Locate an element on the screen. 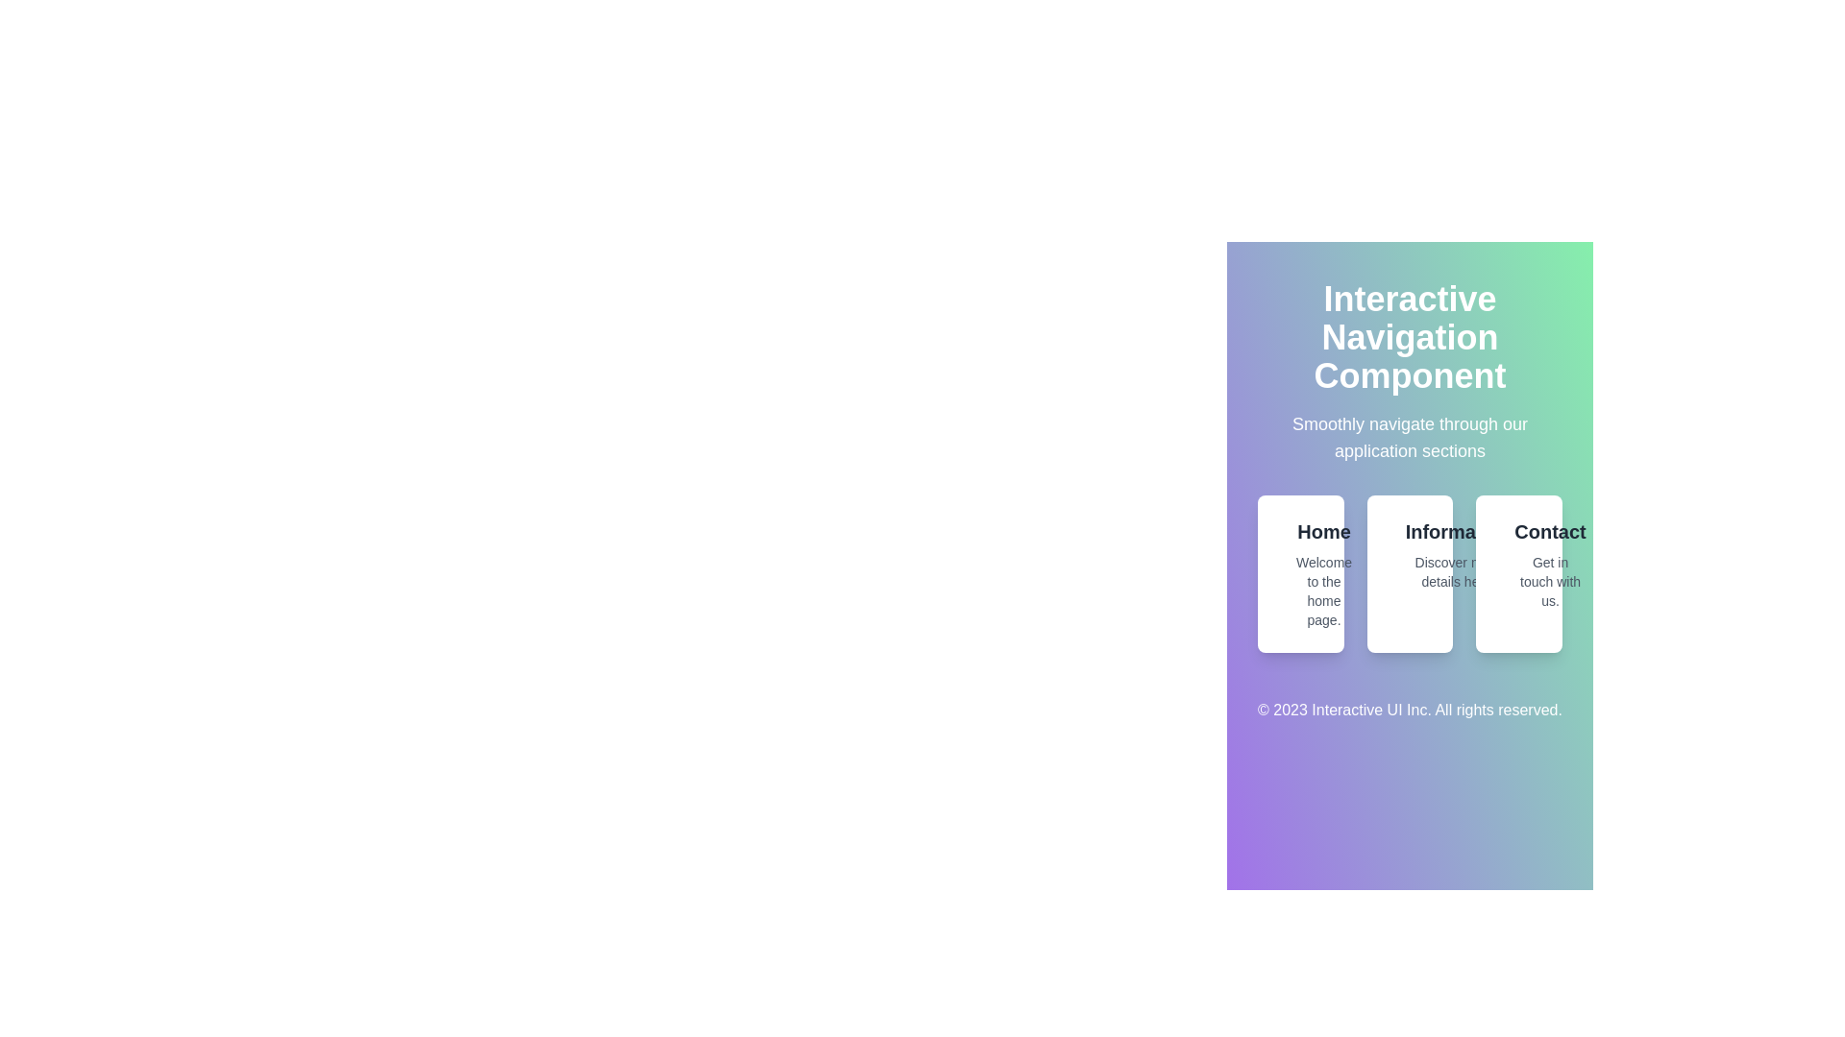 This screenshot has height=1037, width=1845. text label displaying the word 'Information' that is bold and prominently styled, located in the center column of a three-card layout, above the smaller text 'Discover more details here.' is located at coordinates (1458, 532).